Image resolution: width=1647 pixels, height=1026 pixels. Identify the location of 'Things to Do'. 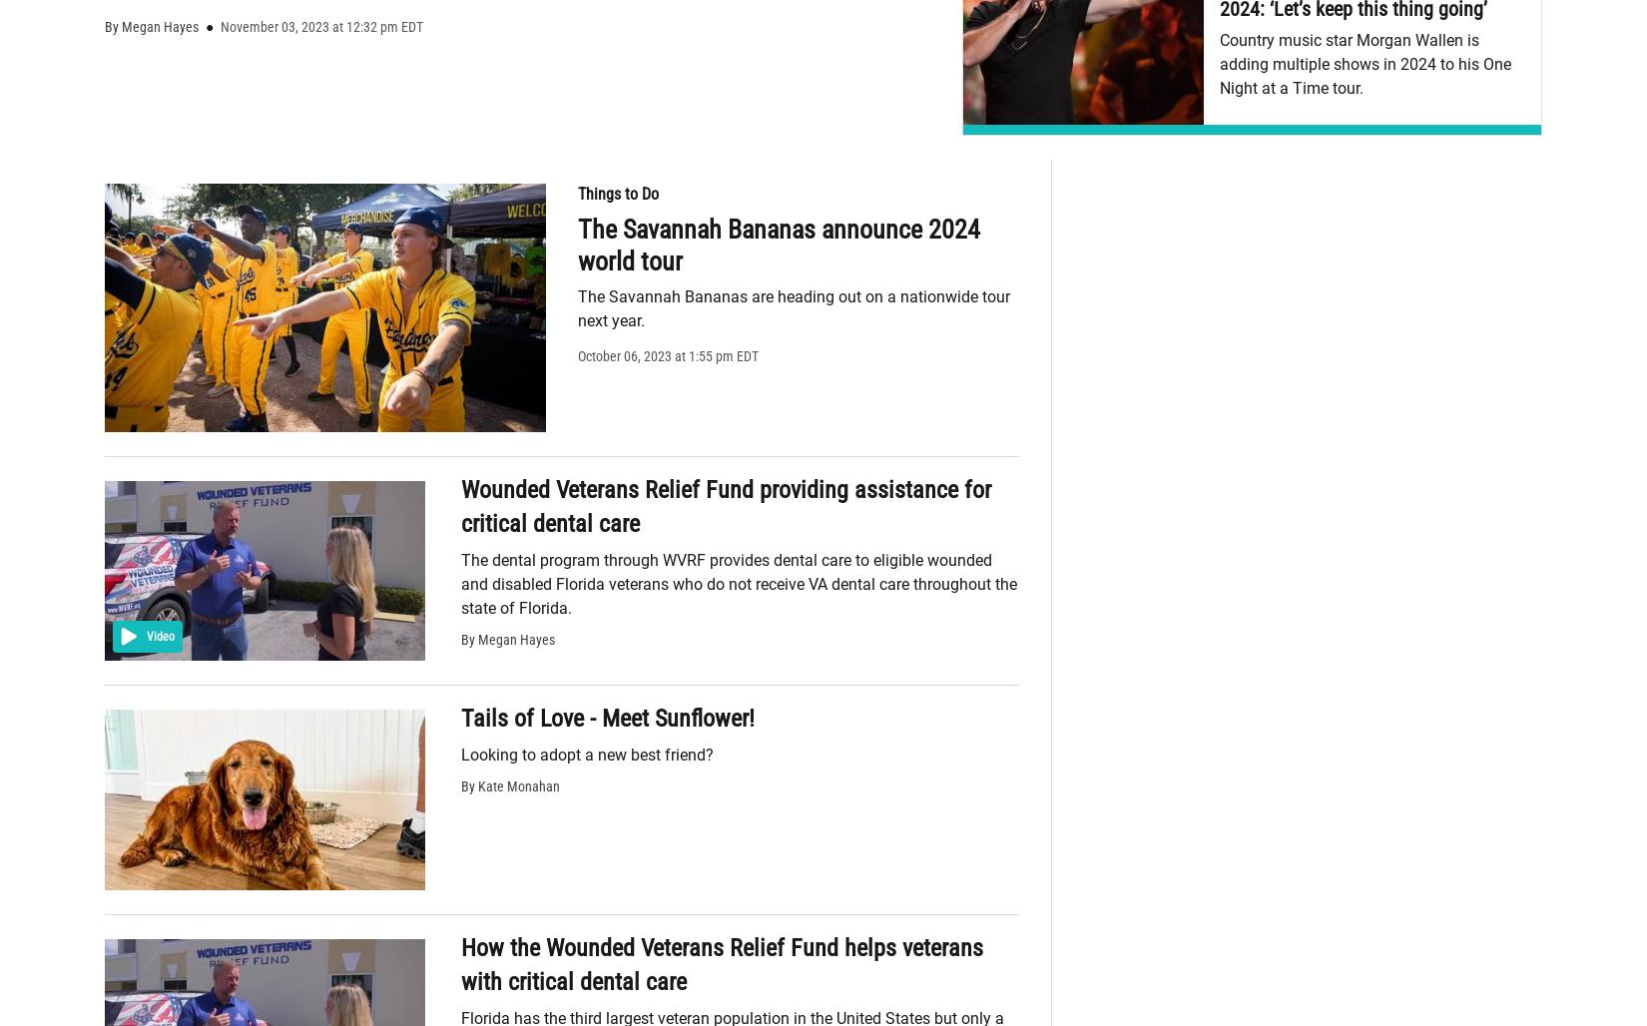
(617, 193).